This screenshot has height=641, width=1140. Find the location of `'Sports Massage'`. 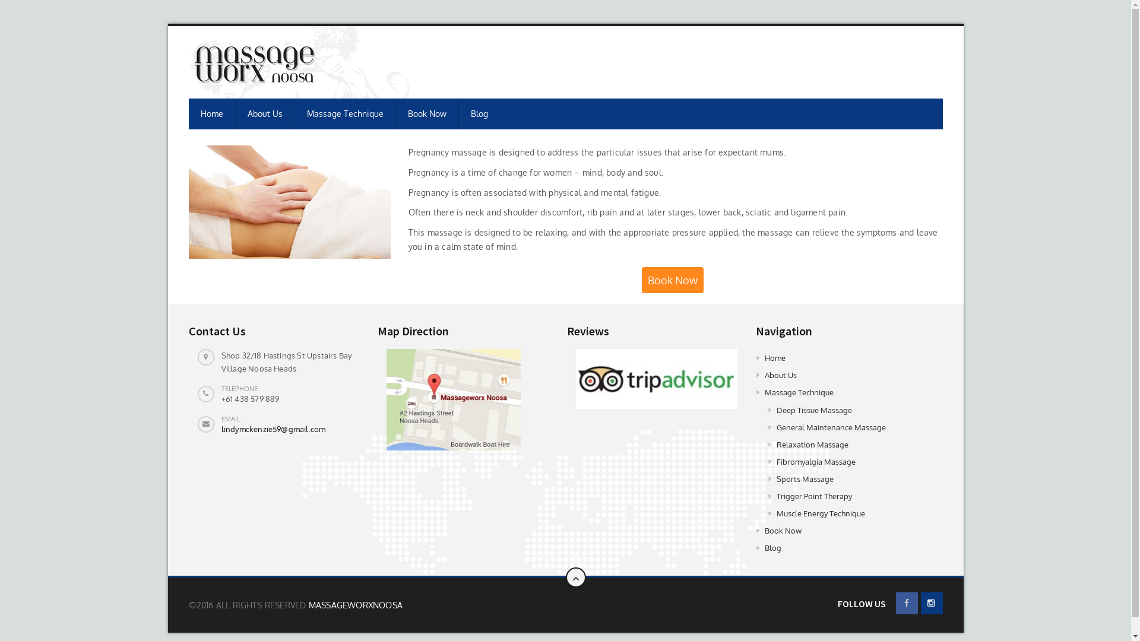

'Sports Massage' is located at coordinates (851, 478).